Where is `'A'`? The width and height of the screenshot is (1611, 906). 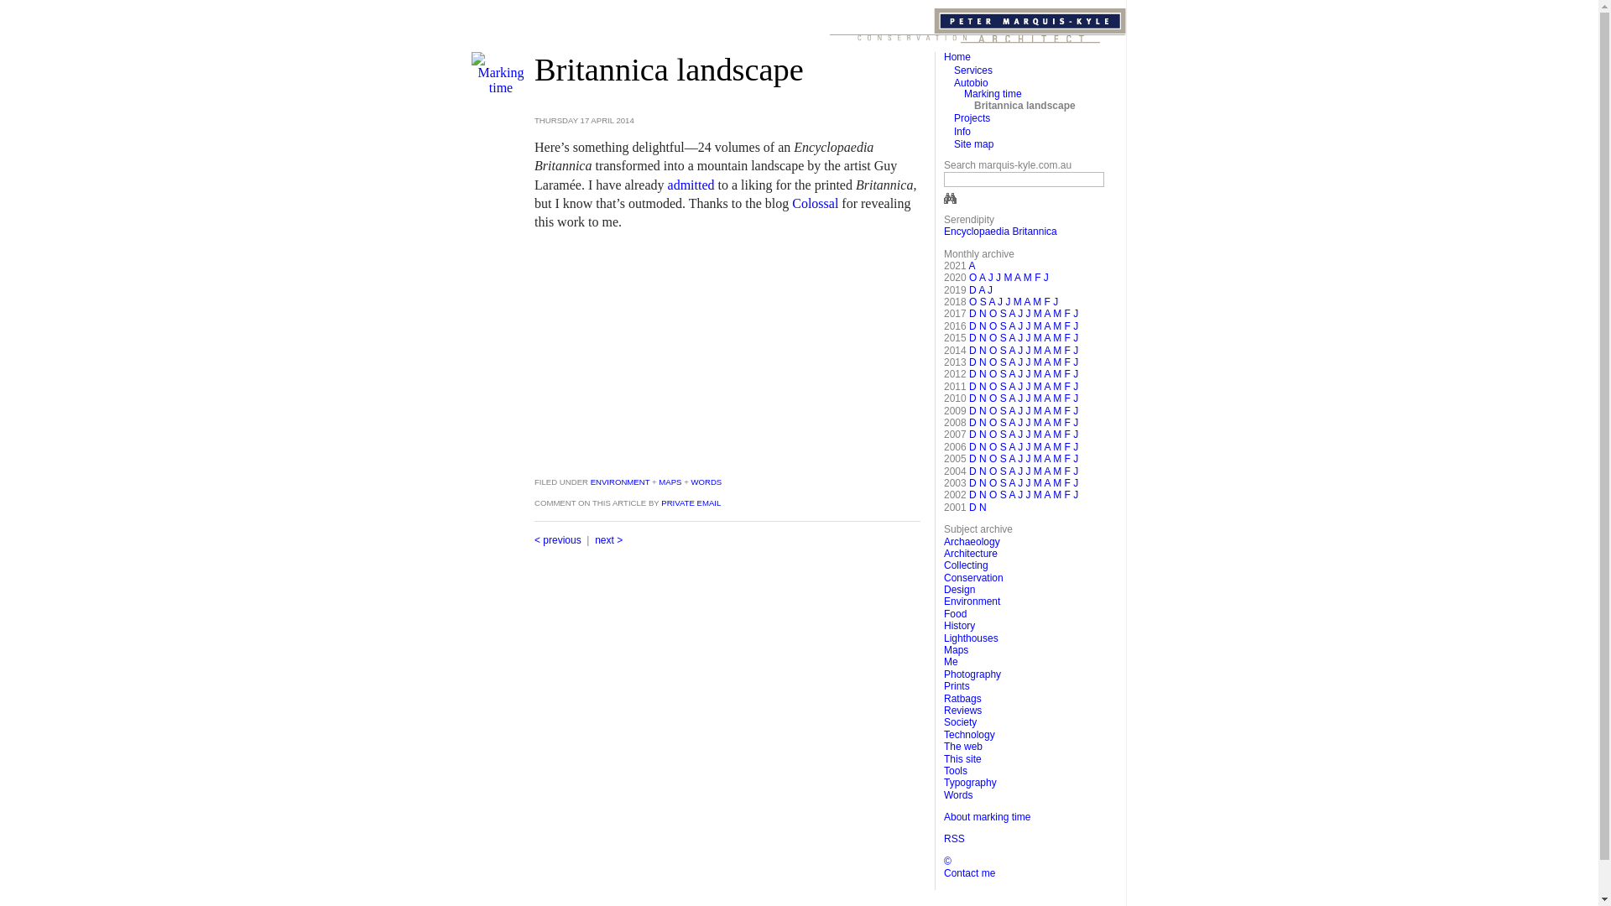
'A' is located at coordinates (1016, 277).